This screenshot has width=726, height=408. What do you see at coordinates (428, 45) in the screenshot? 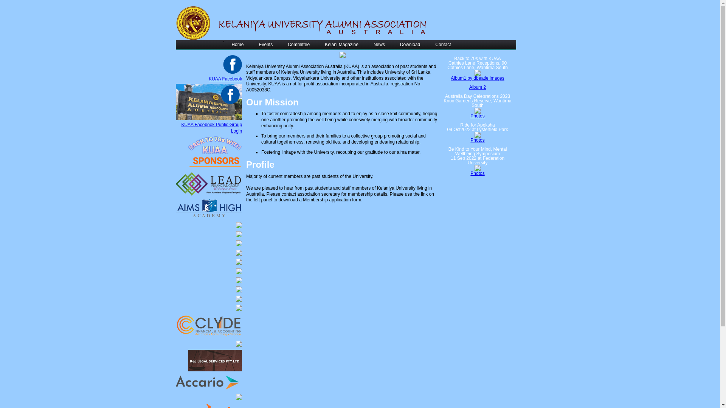
I see `'Contact'` at bounding box center [428, 45].